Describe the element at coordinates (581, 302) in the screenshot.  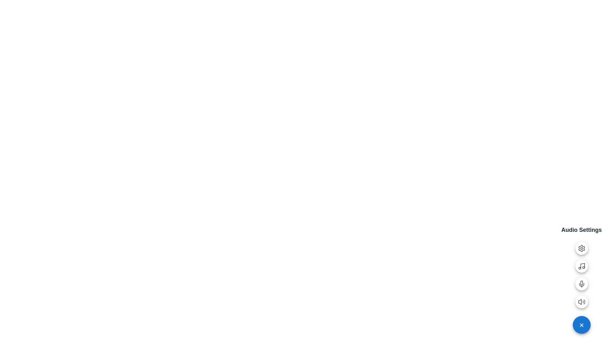
I see `the Floating Action Button (FAB) in the 'Audio Settings' menu` at that location.